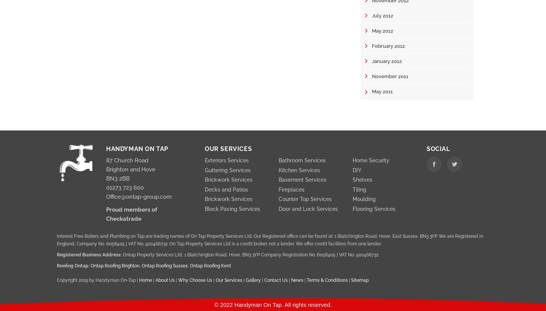 The width and height of the screenshot is (546, 311). What do you see at coordinates (372, 61) in the screenshot?
I see `'January 2012'` at bounding box center [372, 61].